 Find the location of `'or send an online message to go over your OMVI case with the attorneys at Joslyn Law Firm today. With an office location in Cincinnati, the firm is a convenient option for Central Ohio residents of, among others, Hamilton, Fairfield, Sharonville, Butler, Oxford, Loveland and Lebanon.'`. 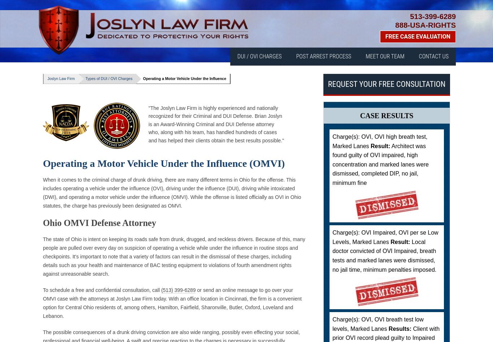

'or send an online message to go over your OMVI case with the attorneys at Joslyn Law Firm today. With an office location in Cincinnati, the firm is a convenient option for Central Ohio residents of, among others, Hamilton, Fairfield, Sharonville, Butler, Oxford, Loveland and Lebanon.' is located at coordinates (172, 302).